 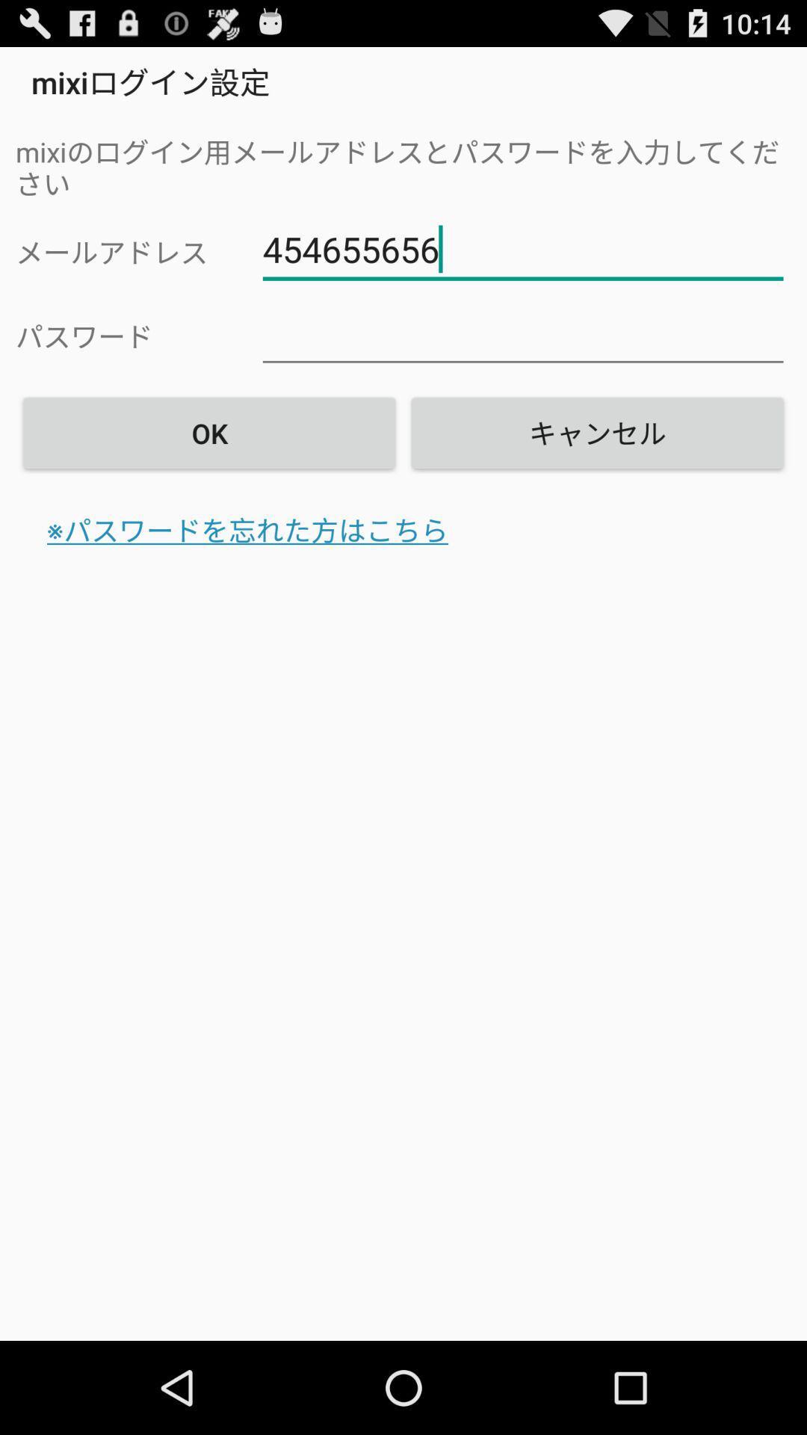 What do you see at coordinates (522, 250) in the screenshot?
I see `the 454655656` at bounding box center [522, 250].